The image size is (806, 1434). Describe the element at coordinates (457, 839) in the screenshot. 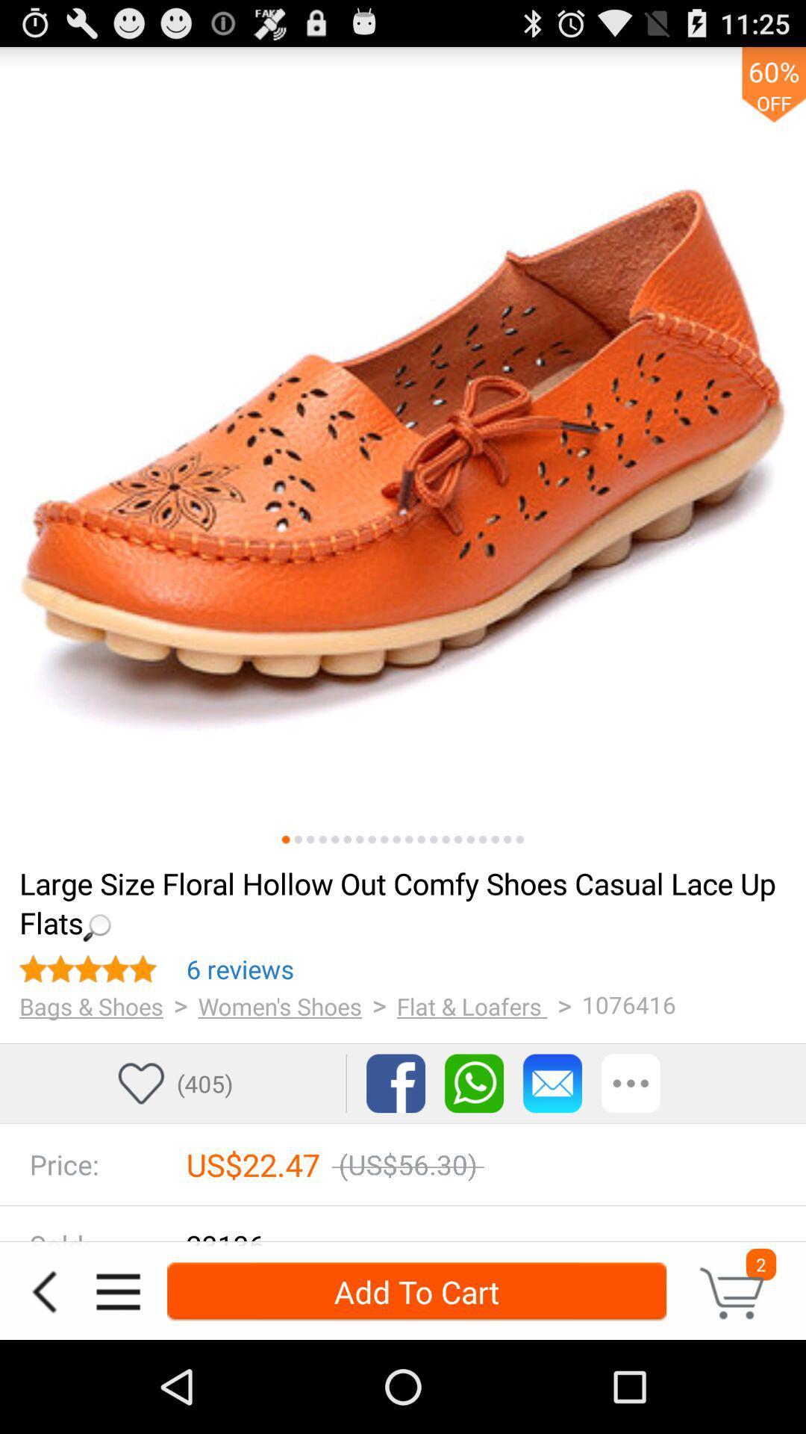

I see `show different picture` at that location.